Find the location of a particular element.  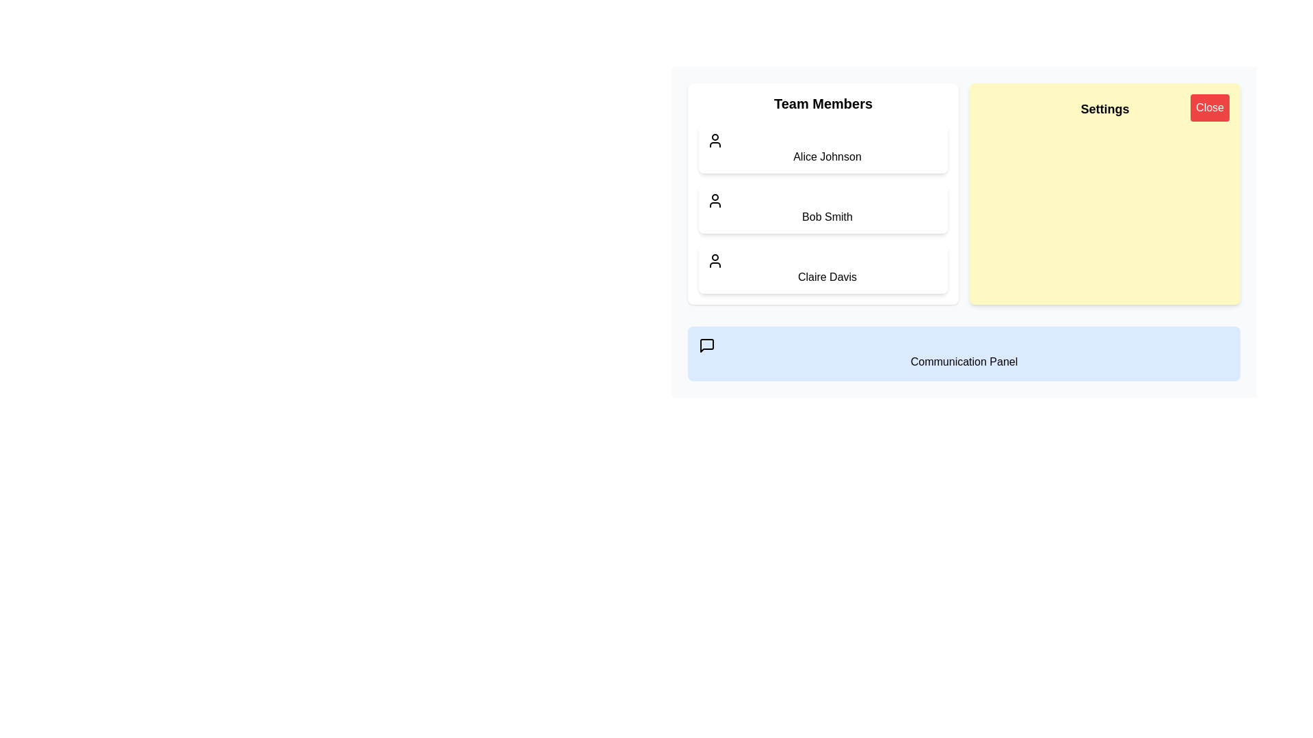

the settings panel located in the rightmost column of the interface for additional interactivity is located at coordinates (964, 231).